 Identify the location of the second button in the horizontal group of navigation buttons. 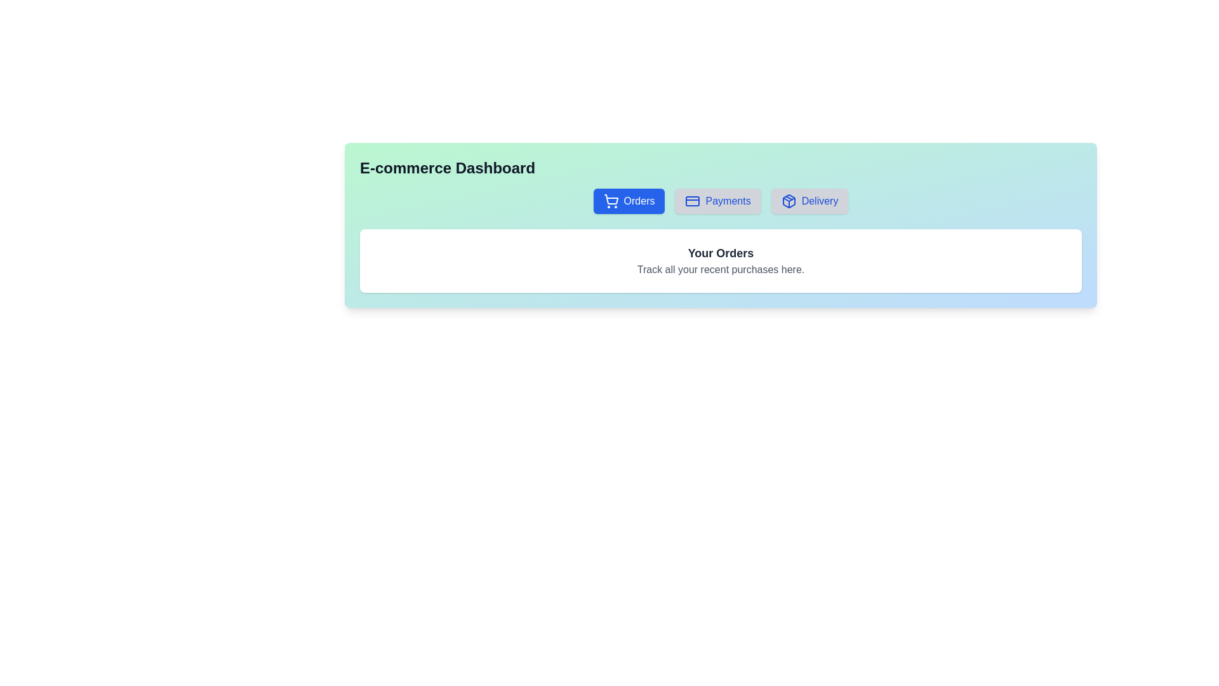
(718, 200).